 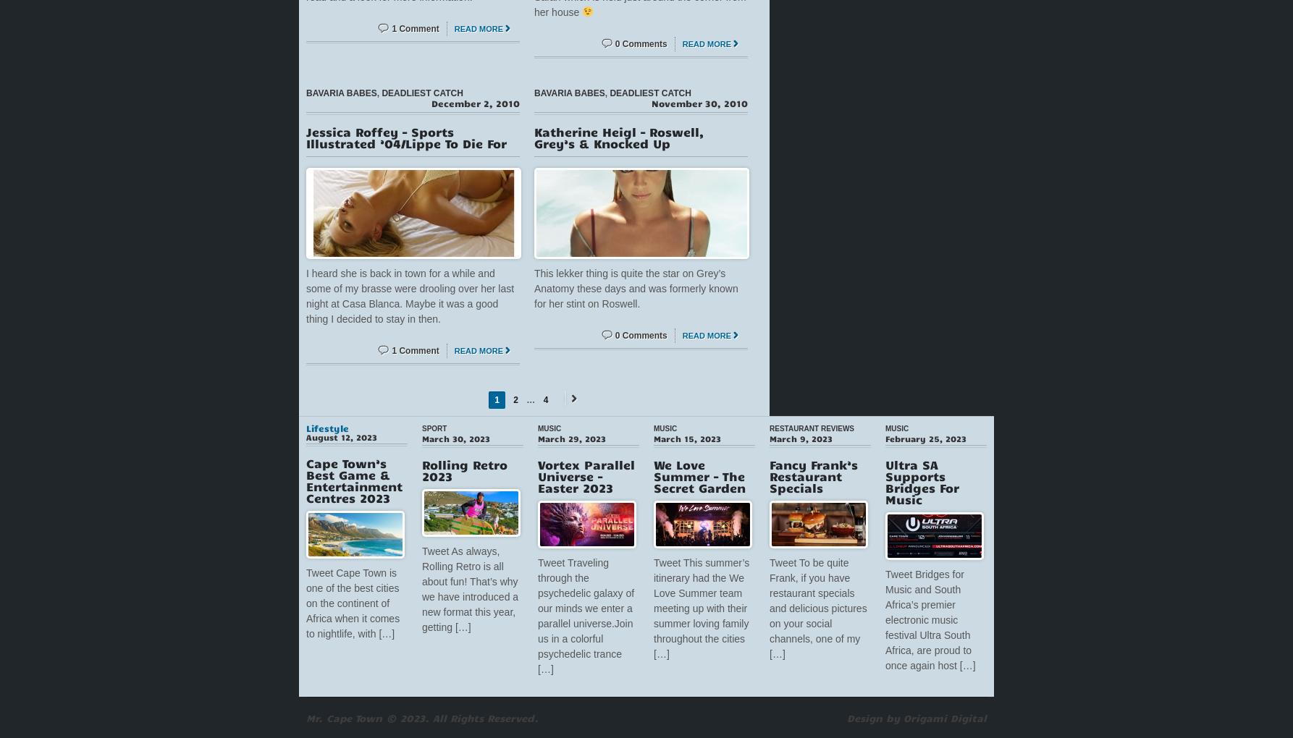 What do you see at coordinates (534, 136) in the screenshot?
I see `'Katherine Heigl – Roswell, Grey’s & Knocked Up'` at bounding box center [534, 136].